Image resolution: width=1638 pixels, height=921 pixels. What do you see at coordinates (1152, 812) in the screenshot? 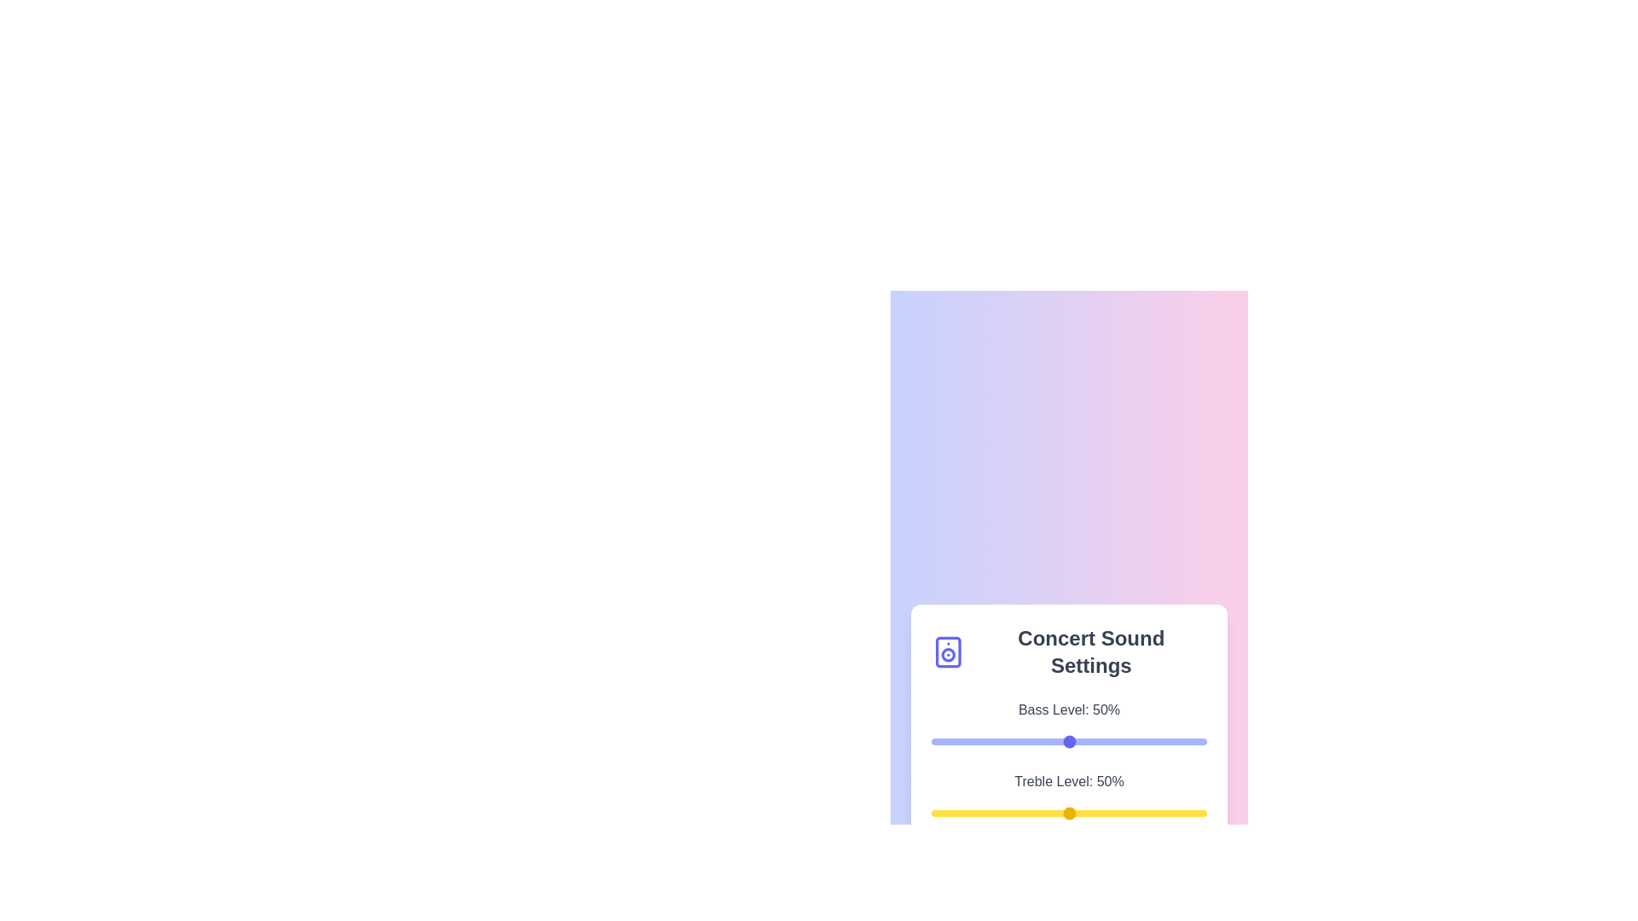
I see `the treble level to 80% by interacting with the slider` at bounding box center [1152, 812].